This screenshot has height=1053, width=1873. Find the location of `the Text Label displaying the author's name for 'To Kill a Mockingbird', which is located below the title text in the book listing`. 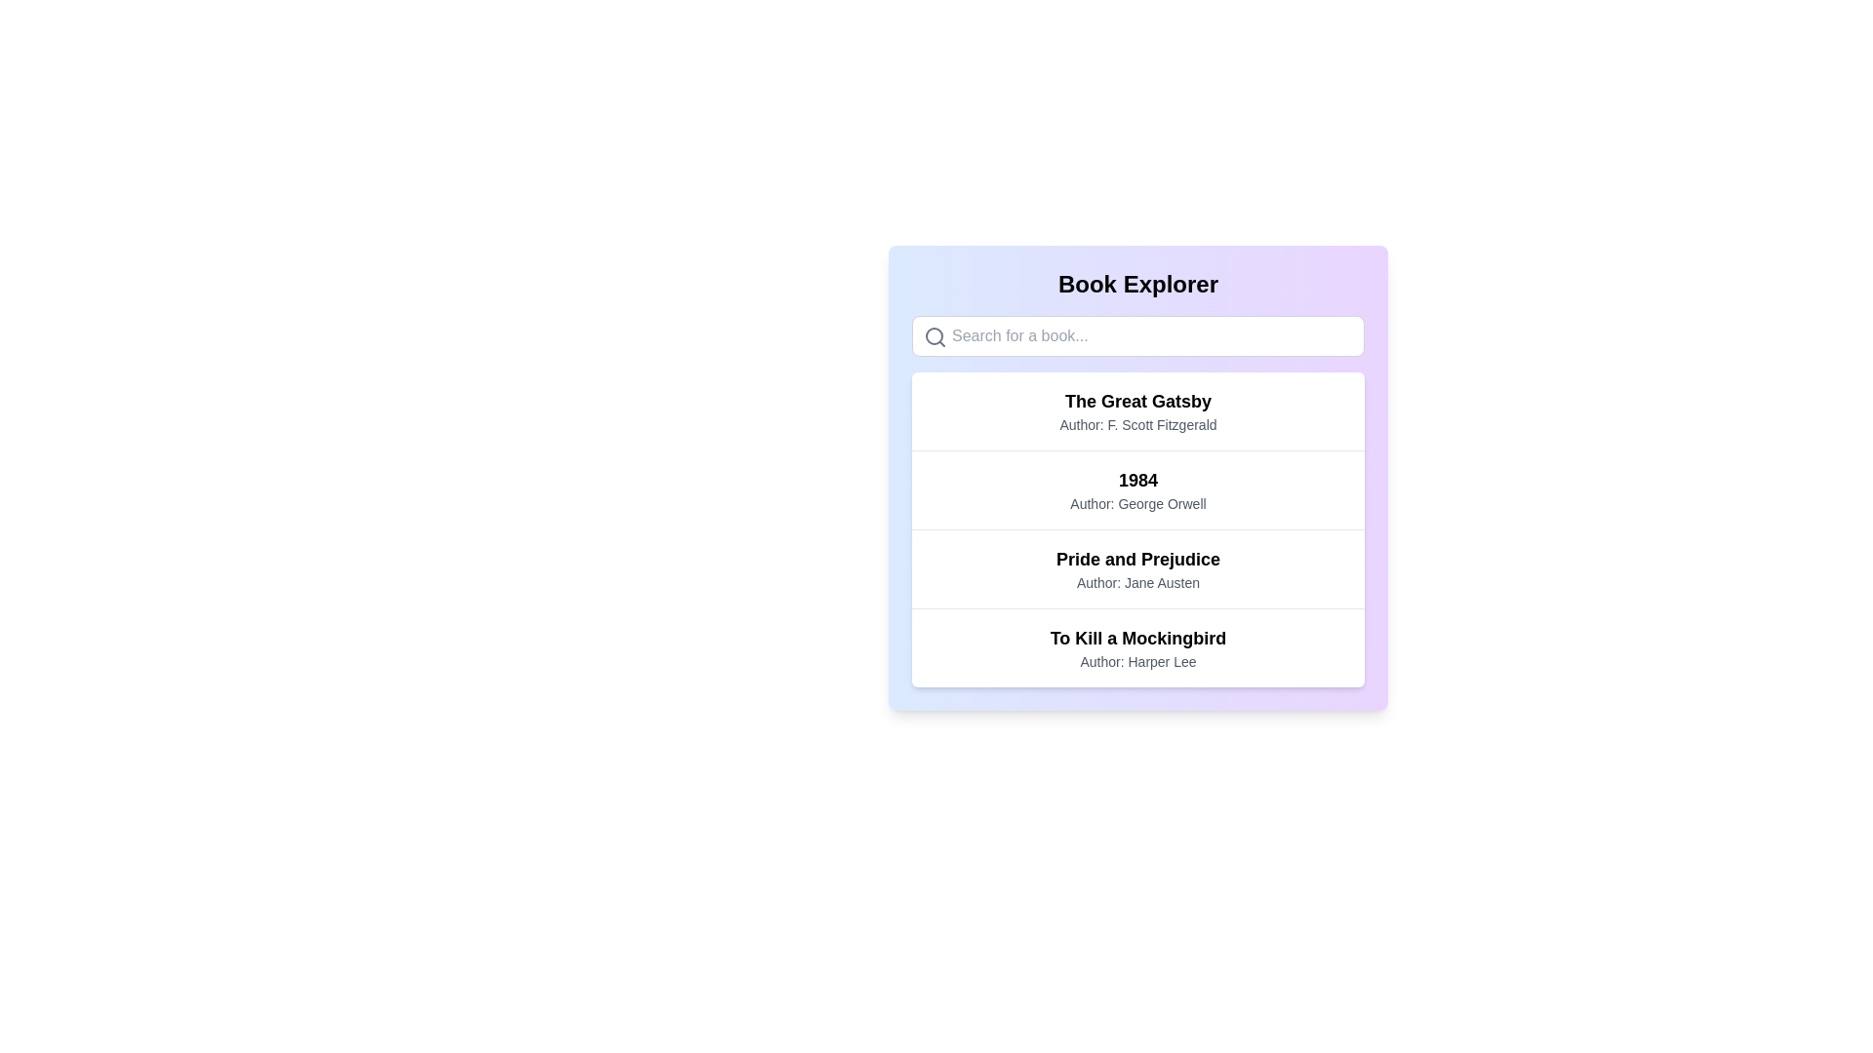

the Text Label displaying the author's name for 'To Kill a Mockingbird', which is located below the title text in the book listing is located at coordinates (1137, 660).